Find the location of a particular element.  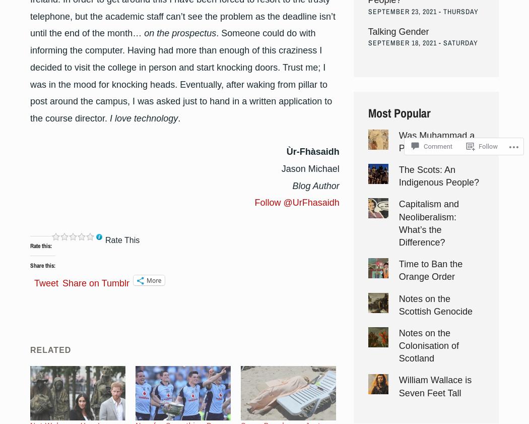

'. Someone could do with informing the computer. Having had more than enough of this craziness I decided to visit the college in person and start knocking doors. Trust me; I was in the mood for knocking heads. Eventually, after waking from pillar to post around the campus, I was asked just to hand in a written application to the course director.' is located at coordinates (180, 75).